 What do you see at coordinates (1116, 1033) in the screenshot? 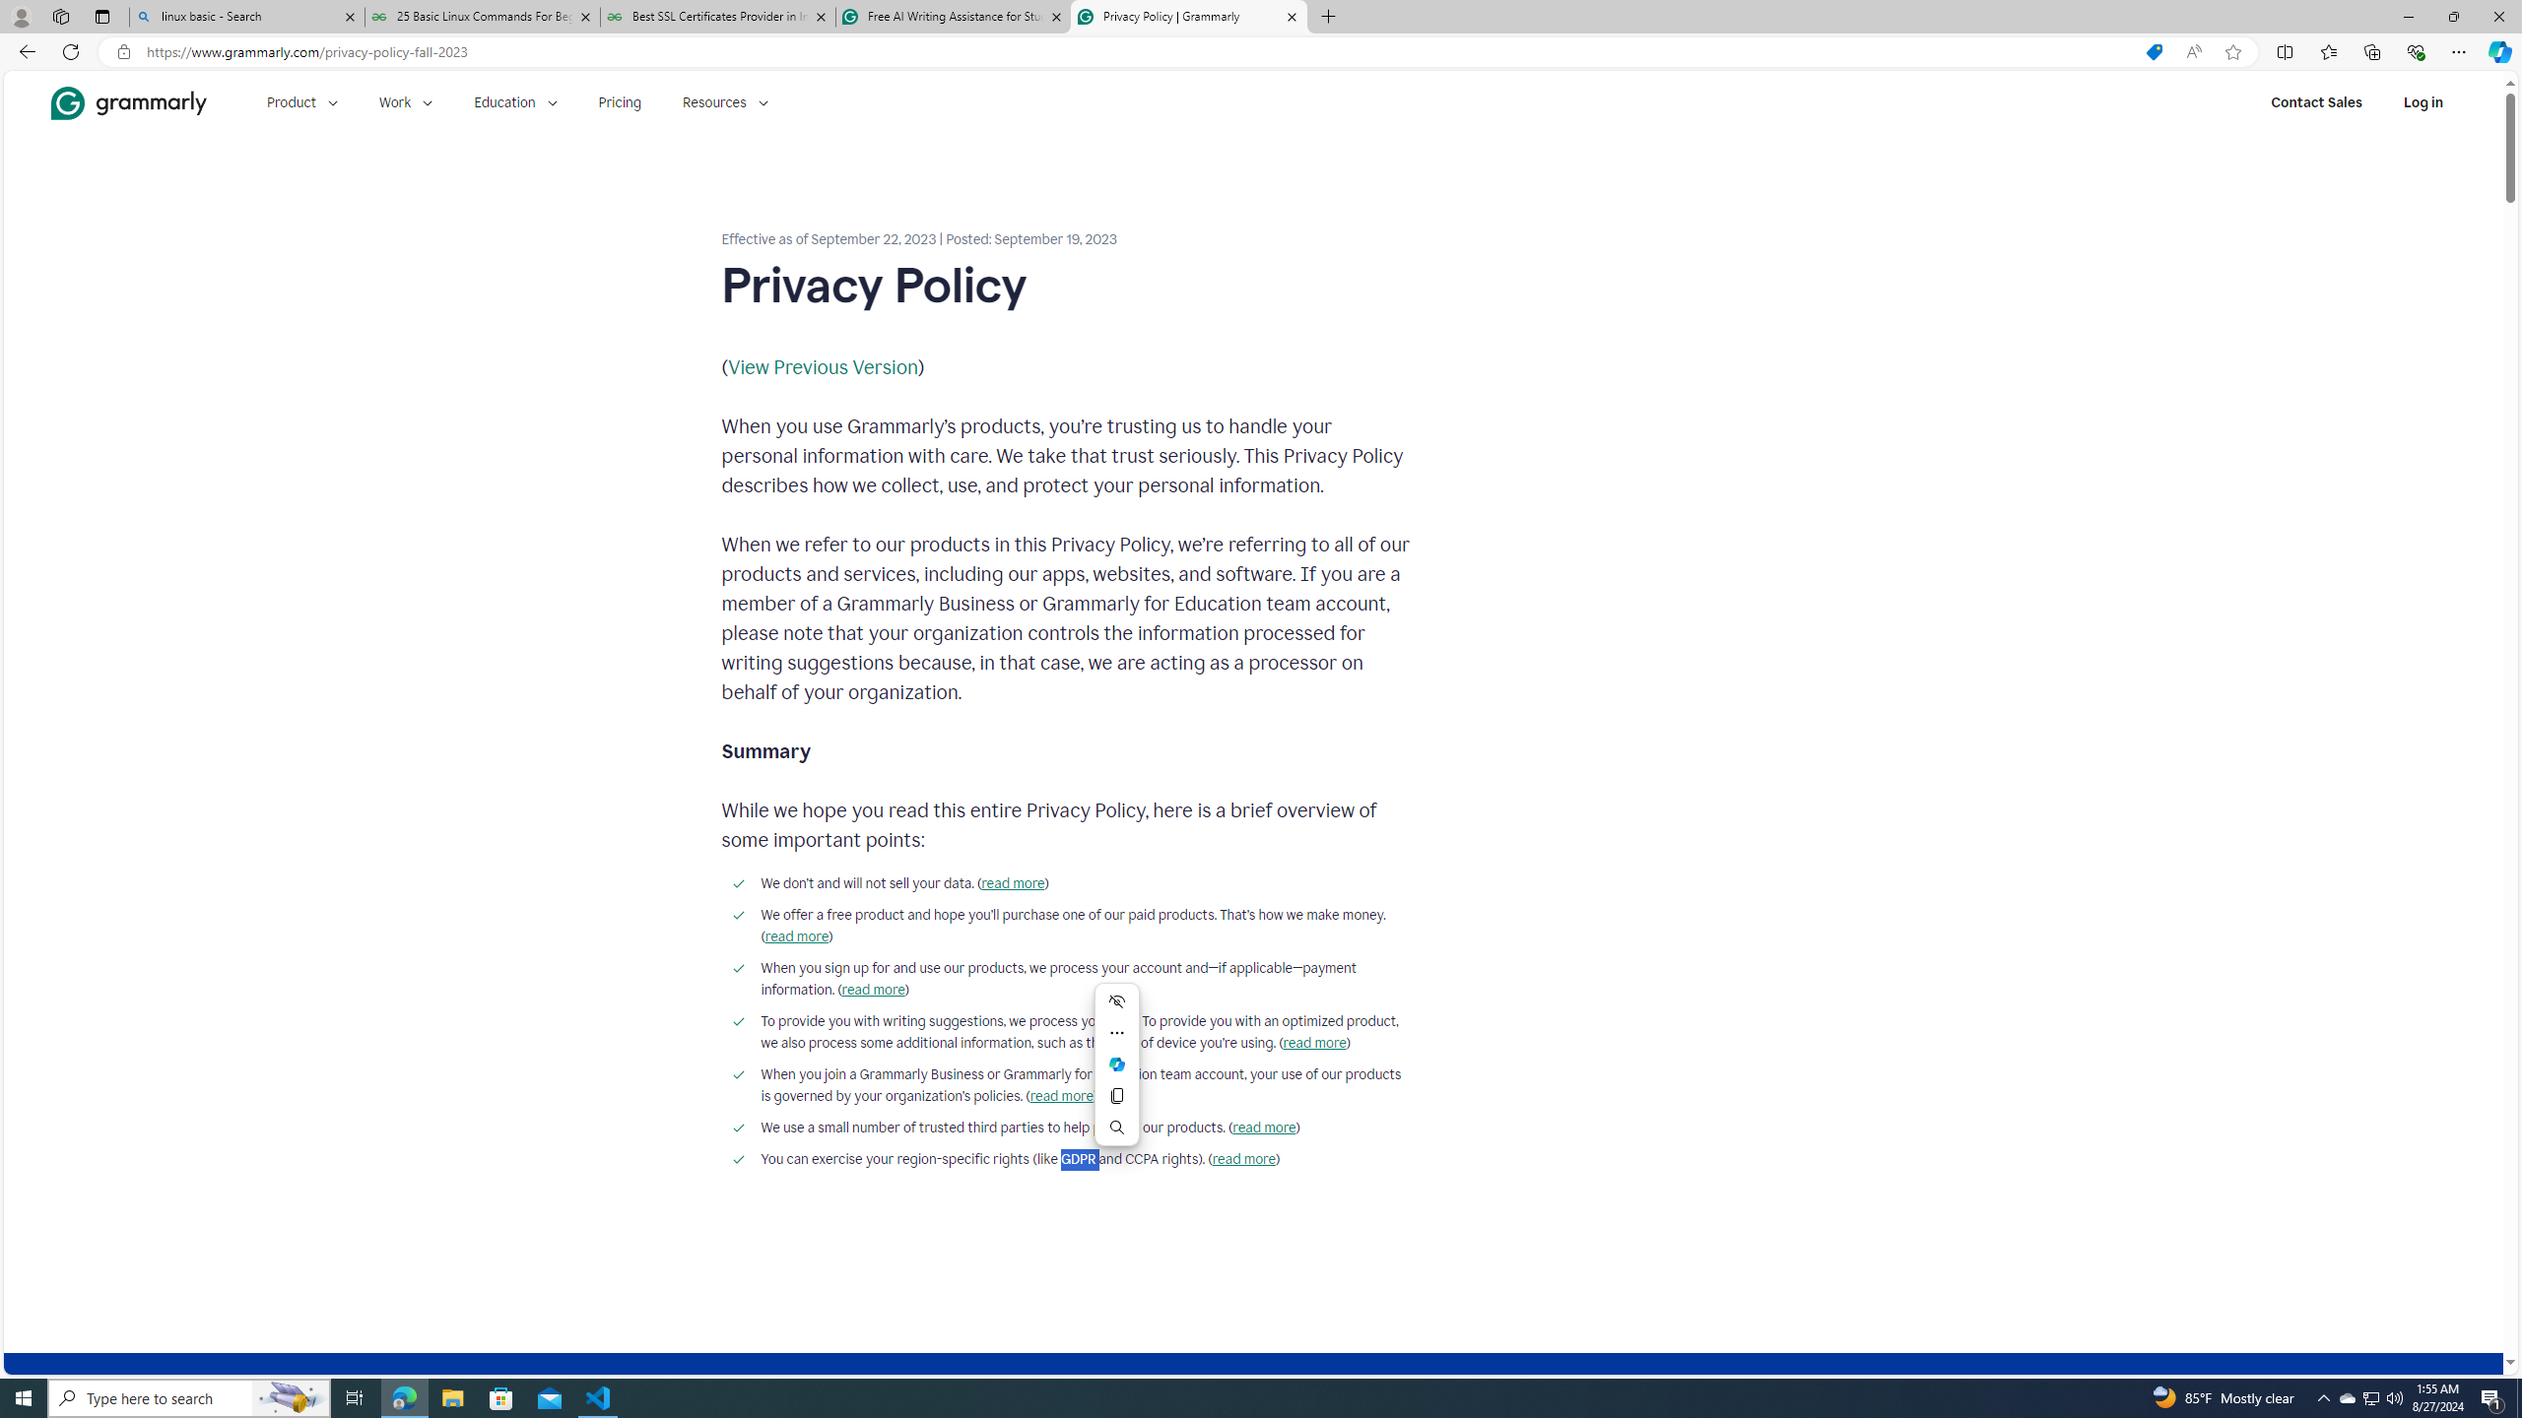
I see `'More actions'` at bounding box center [1116, 1033].